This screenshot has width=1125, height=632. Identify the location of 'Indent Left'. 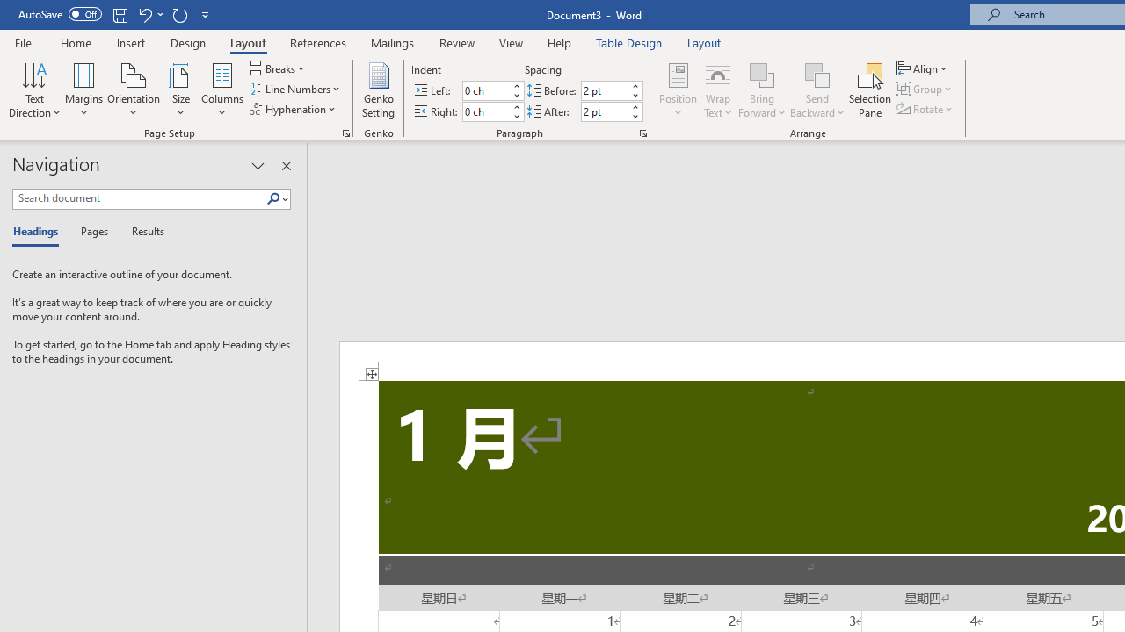
(485, 90).